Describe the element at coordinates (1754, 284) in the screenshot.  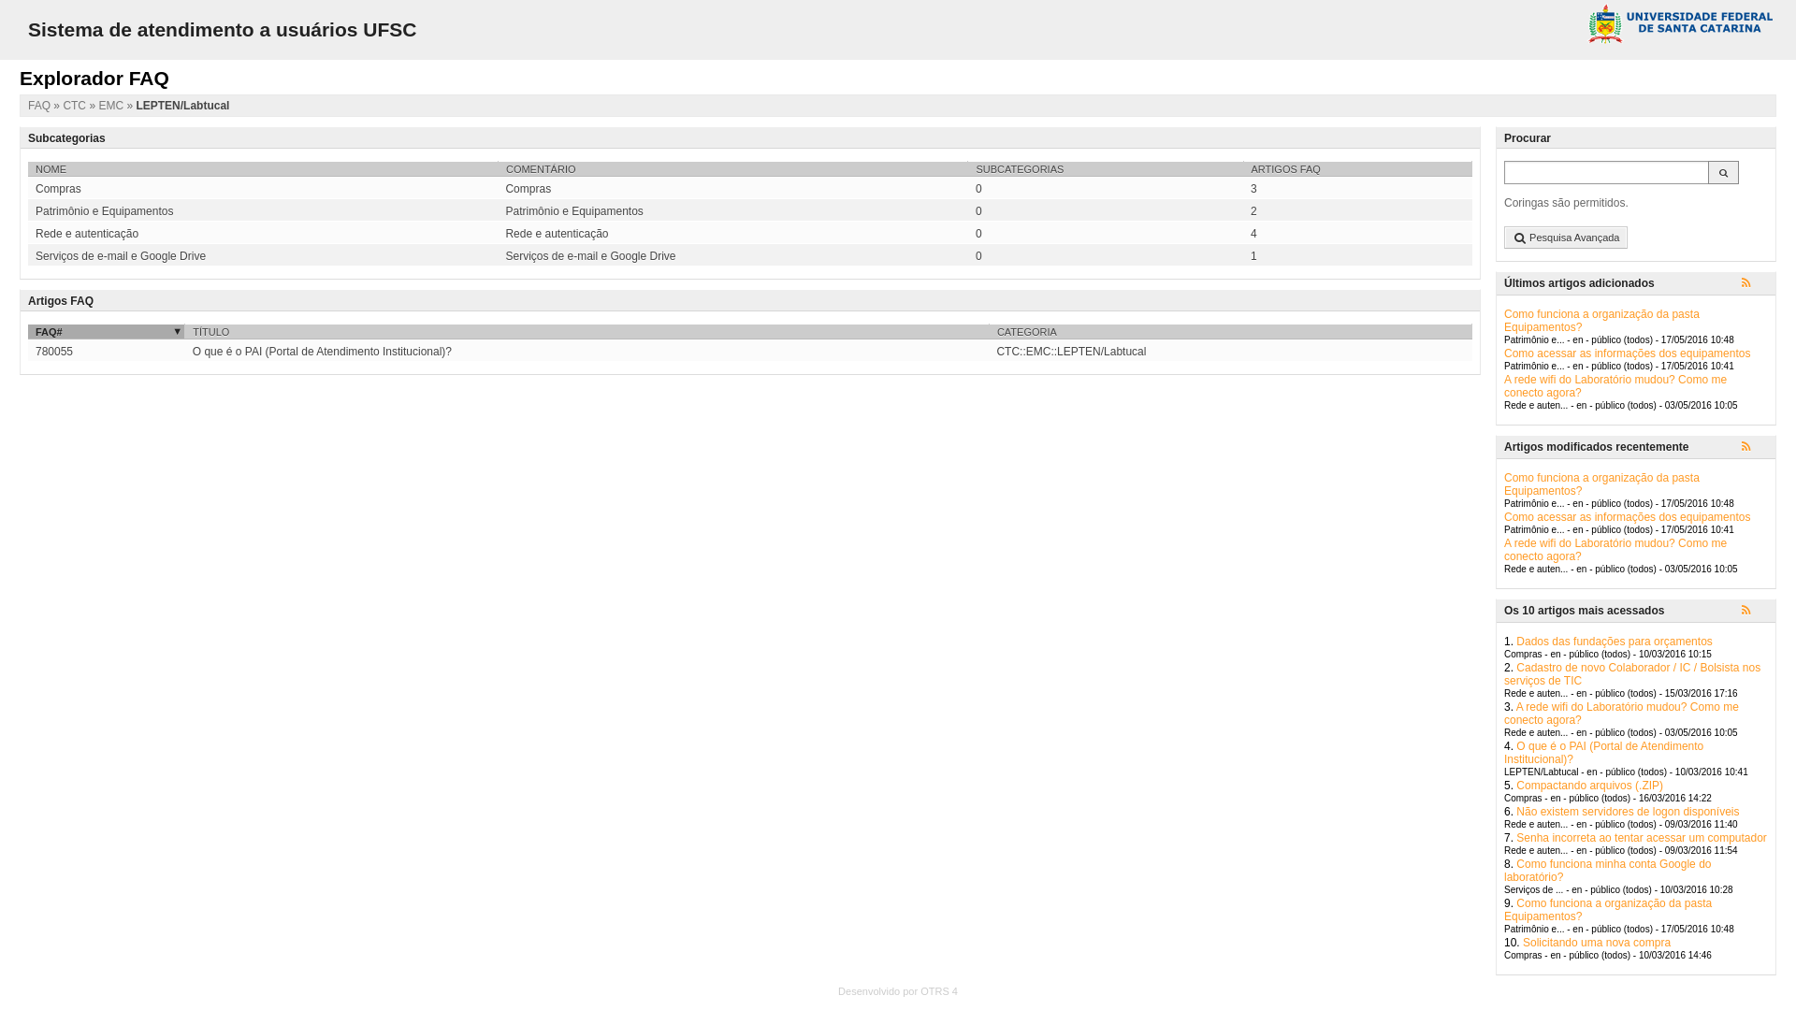
I see `'Artigos FAQ (criado novo)'` at that location.